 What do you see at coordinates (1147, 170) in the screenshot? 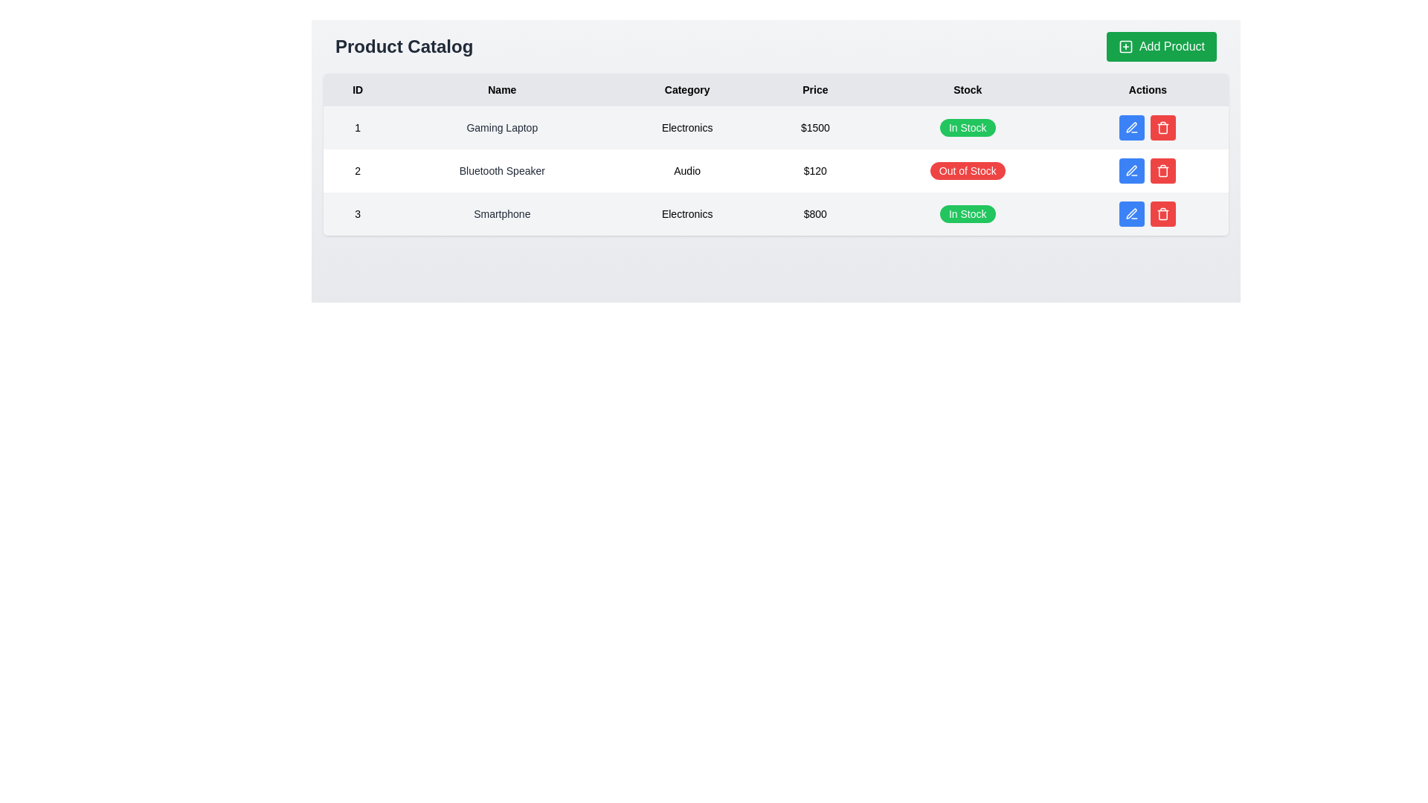
I see `the edit button with a blue background and pen icon in the last column of the table row labeled 'Bluetooth Speaker' to initiate the edit action` at bounding box center [1147, 170].